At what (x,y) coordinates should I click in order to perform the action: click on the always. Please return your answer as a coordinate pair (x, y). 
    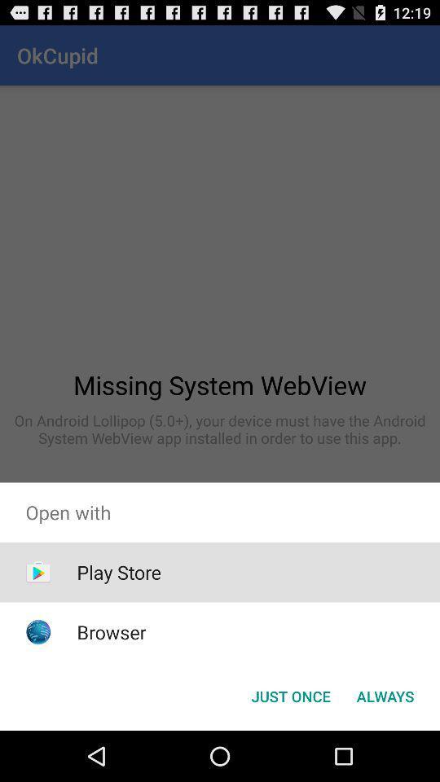
    Looking at the image, I should click on (385, 695).